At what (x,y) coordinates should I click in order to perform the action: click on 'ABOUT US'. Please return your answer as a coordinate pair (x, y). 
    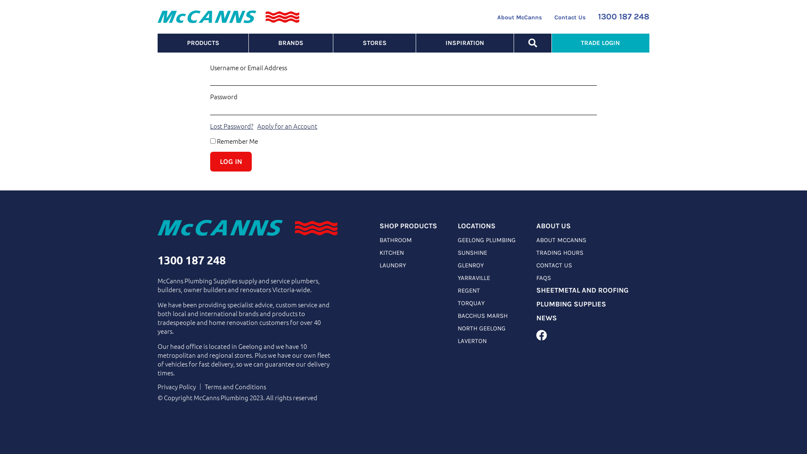
    Looking at the image, I should click on (553, 225).